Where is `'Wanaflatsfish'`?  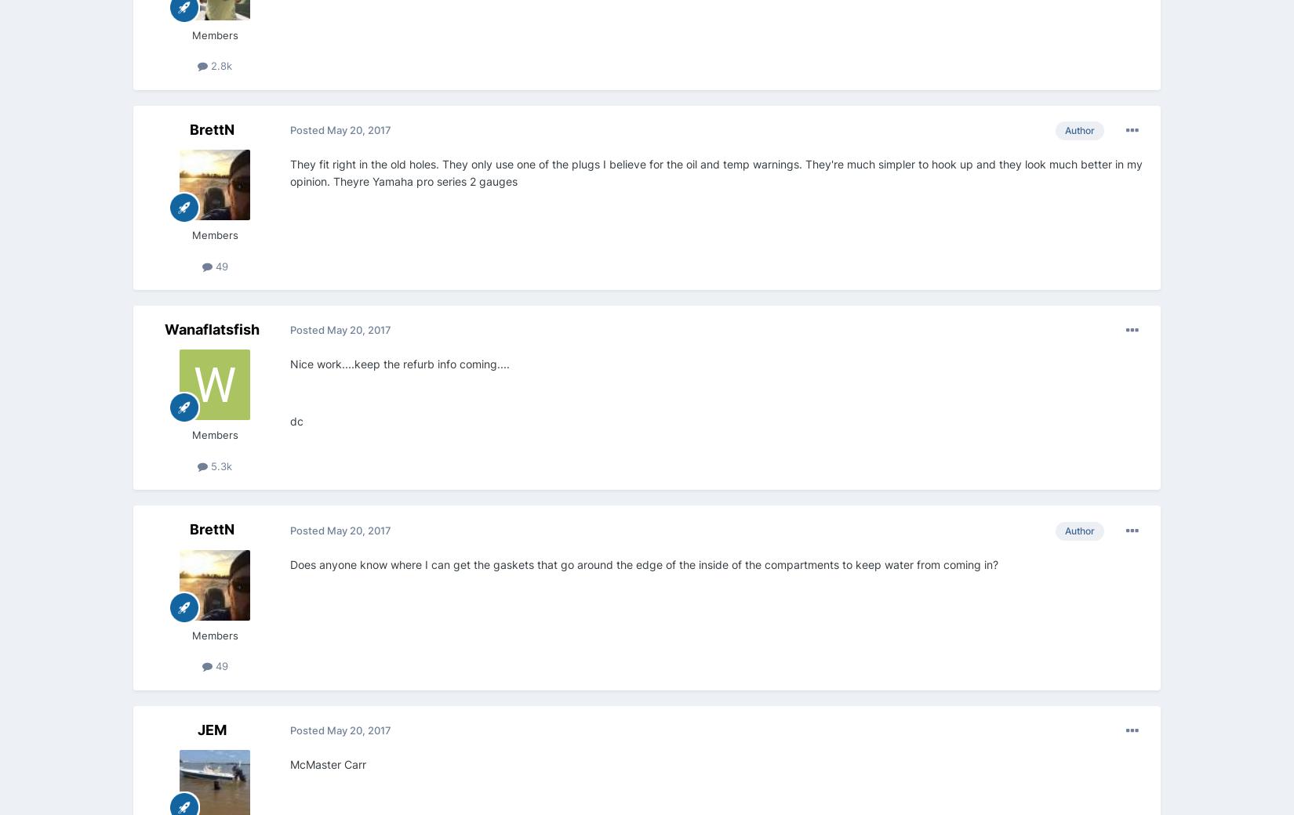
'Wanaflatsfish' is located at coordinates (211, 329).